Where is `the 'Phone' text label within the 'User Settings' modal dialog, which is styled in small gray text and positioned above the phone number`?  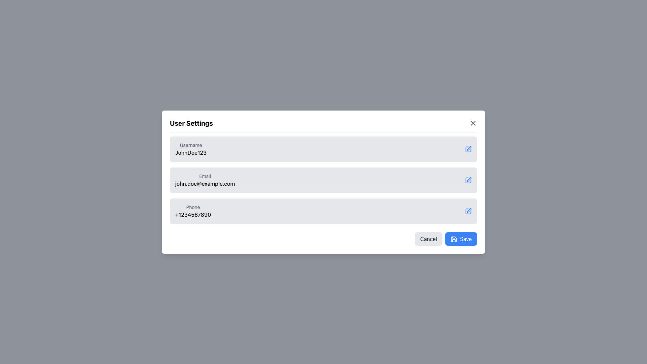 the 'Phone' text label within the 'User Settings' modal dialog, which is styled in small gray text and positioned above the phone number is located at coordinates (193, 207).